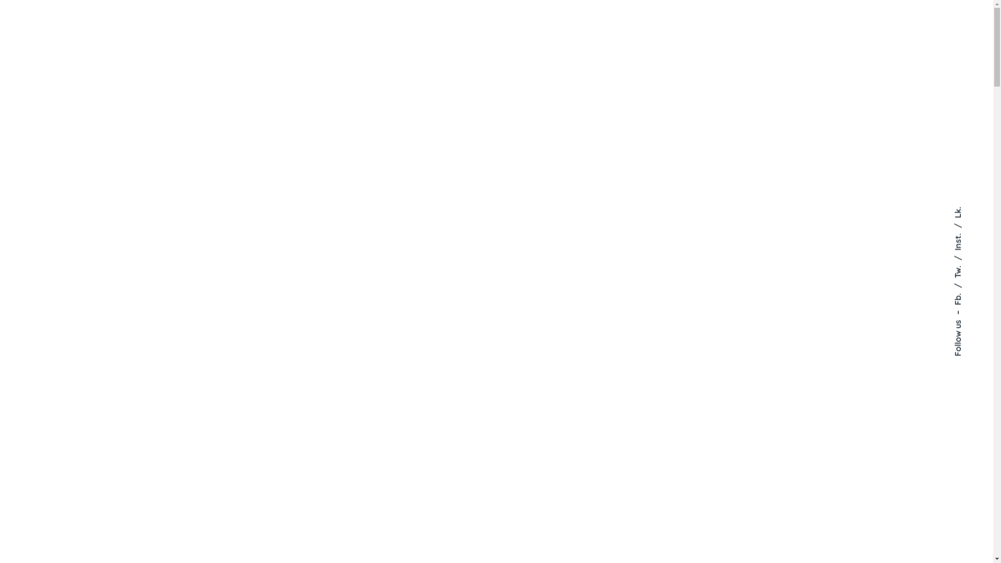 Image resolution: width=1001 pixels, height=563 pixels. I want to click on 'Inst.', so click(965, 228).